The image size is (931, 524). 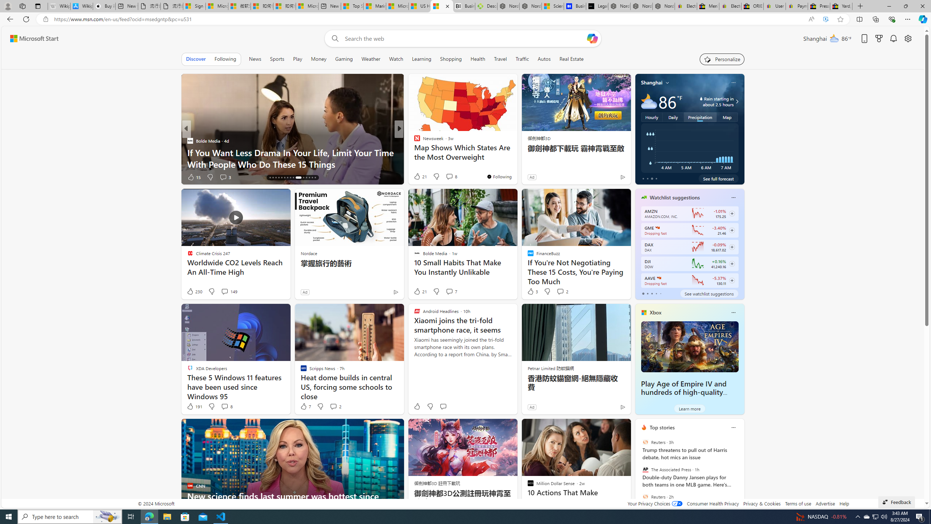 What do you see at coordinates (607, 178) in the screenshot?
I see `'You'` at bounding box center [607, 178].